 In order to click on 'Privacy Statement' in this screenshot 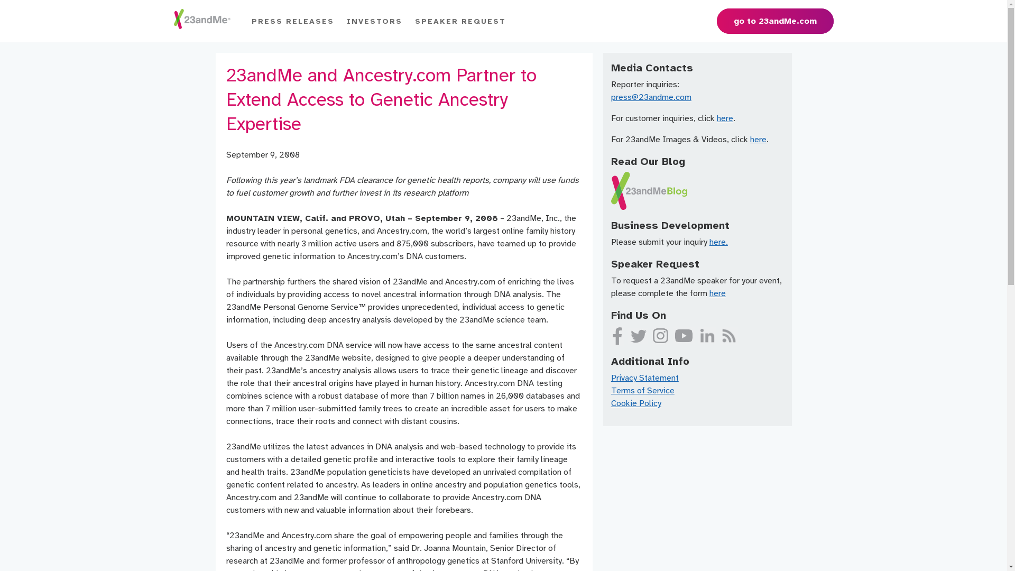, I will do `click(644, 377)`.